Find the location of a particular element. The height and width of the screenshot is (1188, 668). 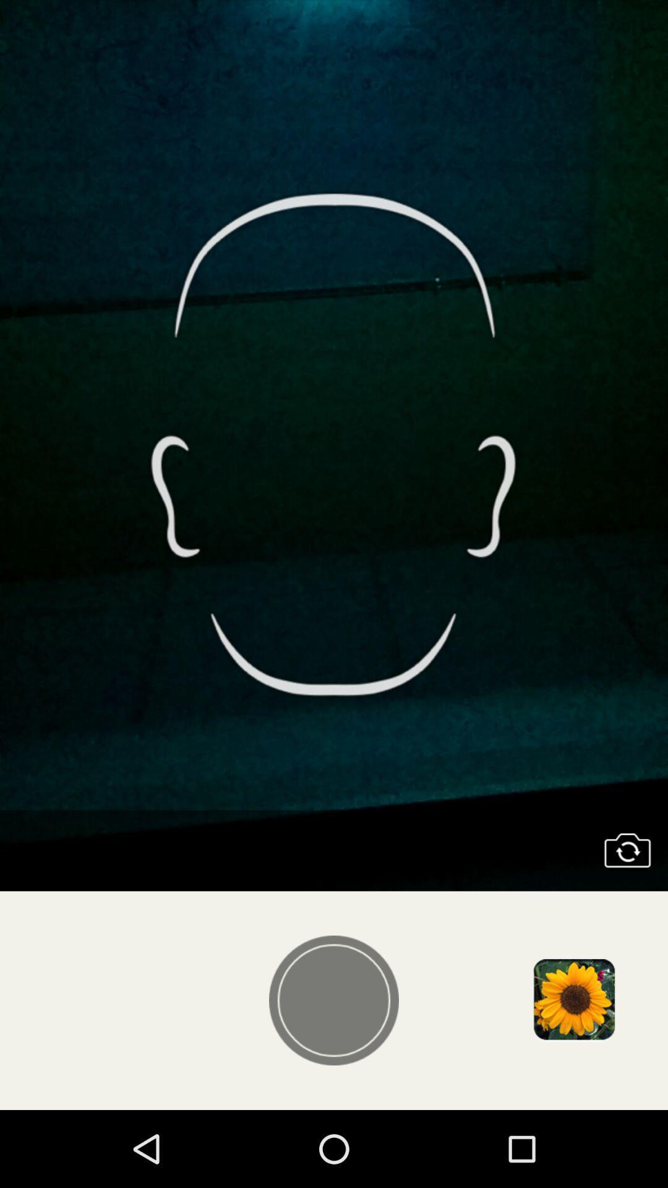

access phone 's camera is located at coordinates (627, 850).